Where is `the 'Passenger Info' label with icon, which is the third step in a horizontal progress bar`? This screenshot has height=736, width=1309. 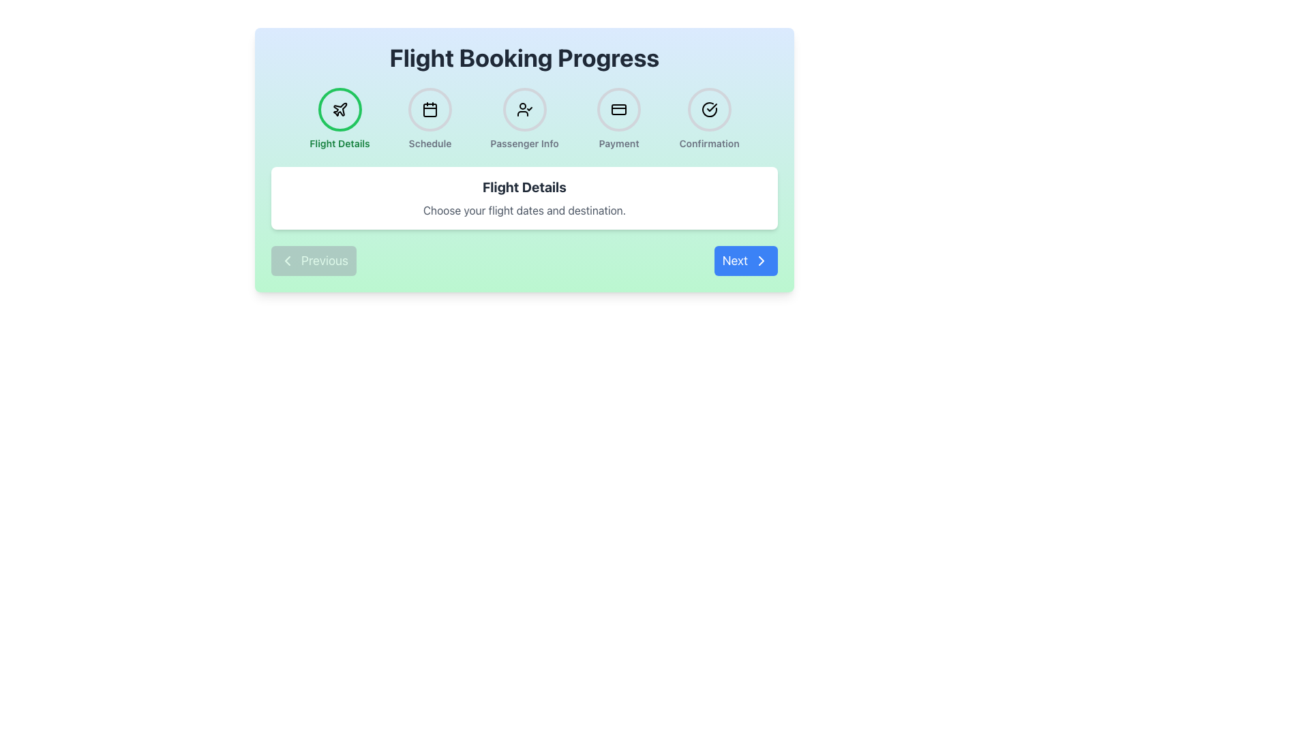
the 'Passenger Info' label with icon, which is the third step in a horizontal progress bar is located at coordinates (524, 118).